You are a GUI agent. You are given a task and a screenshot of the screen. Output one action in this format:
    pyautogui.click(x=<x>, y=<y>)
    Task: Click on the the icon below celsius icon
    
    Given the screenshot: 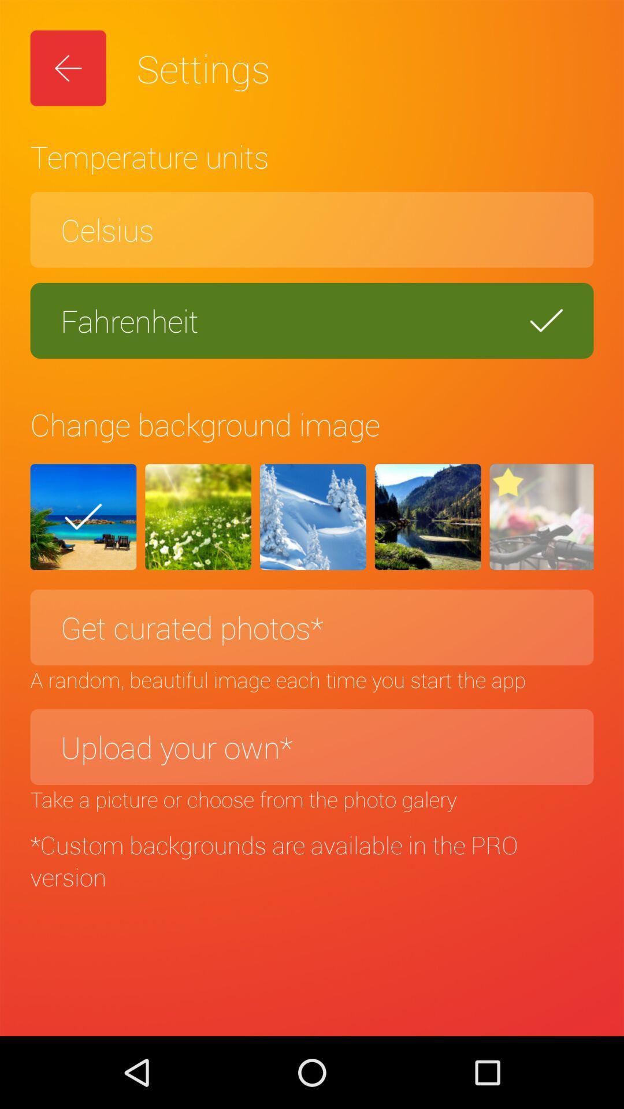 What is the action you would take?
    pyautogui.click(x=312, y=321)
    